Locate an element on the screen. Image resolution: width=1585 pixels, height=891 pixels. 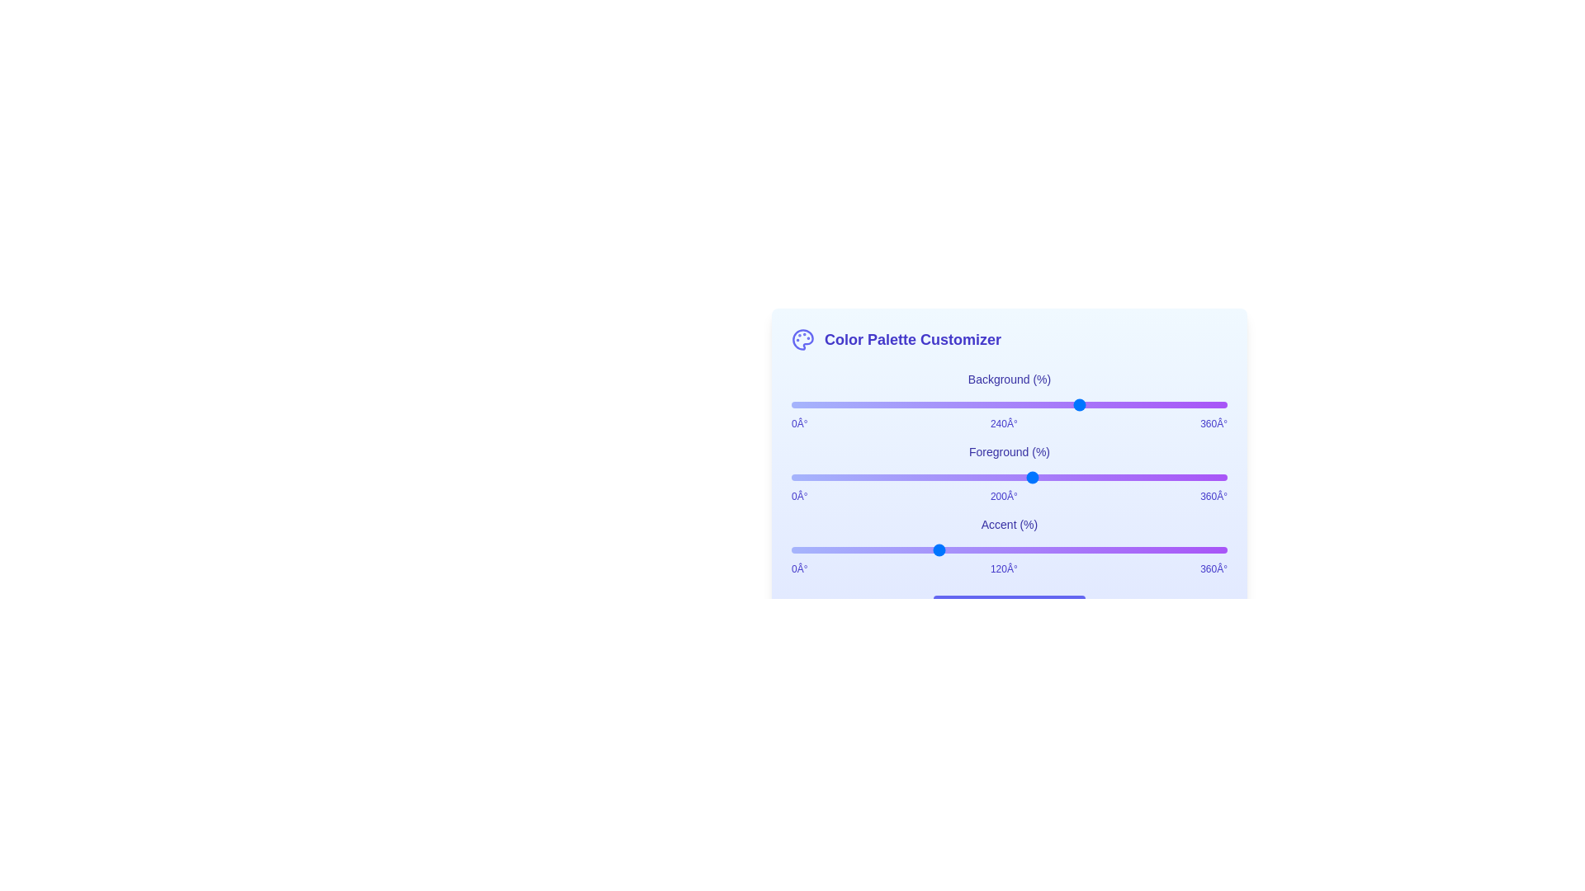
the foreground color slider to set its hue value to 256° is located at coordinates (1101, 477).